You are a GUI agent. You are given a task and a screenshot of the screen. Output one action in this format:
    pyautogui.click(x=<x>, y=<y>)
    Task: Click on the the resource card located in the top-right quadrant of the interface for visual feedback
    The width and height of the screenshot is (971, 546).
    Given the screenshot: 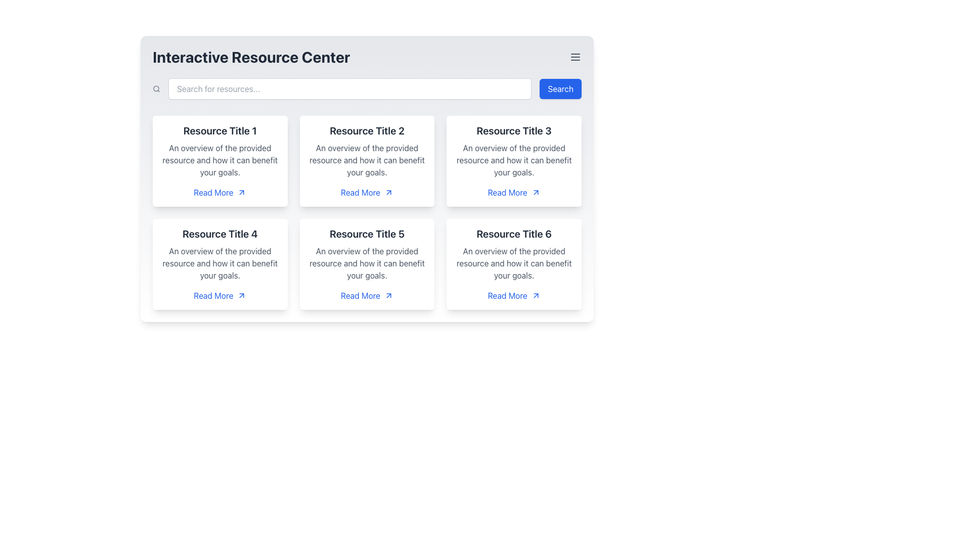 What is the action you would take?
    pyautogui.click(x=366, y=161)
    